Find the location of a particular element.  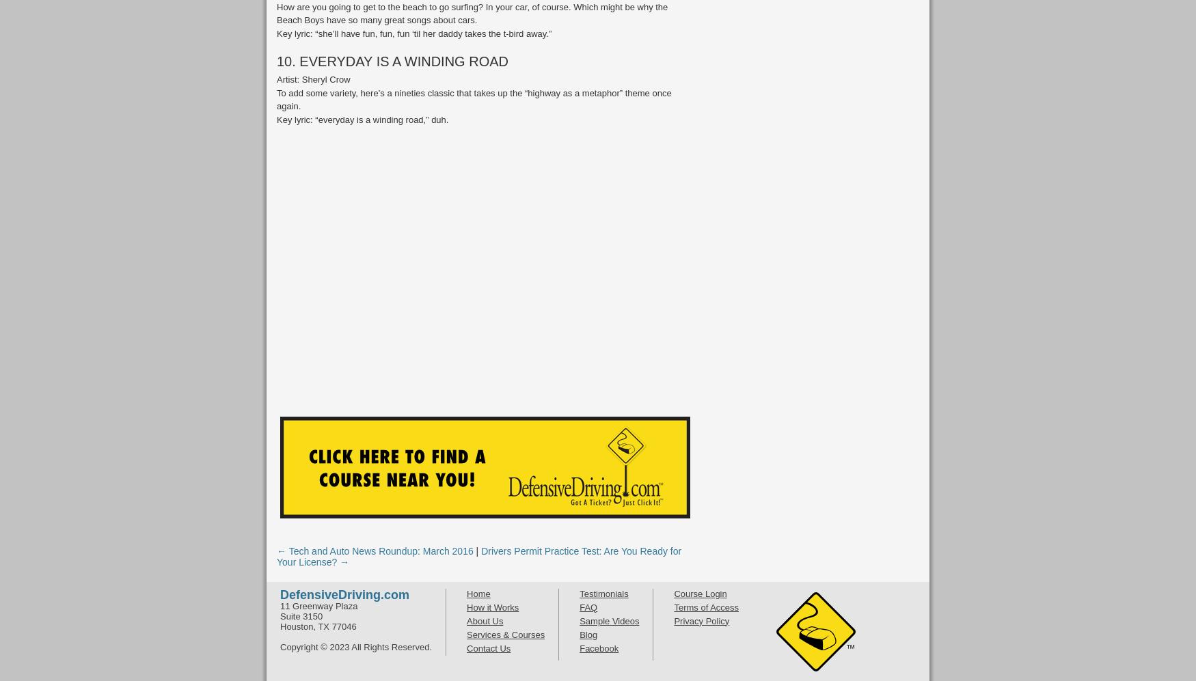

'DefensiveDriving.com' is located at coordinates (280, 593).